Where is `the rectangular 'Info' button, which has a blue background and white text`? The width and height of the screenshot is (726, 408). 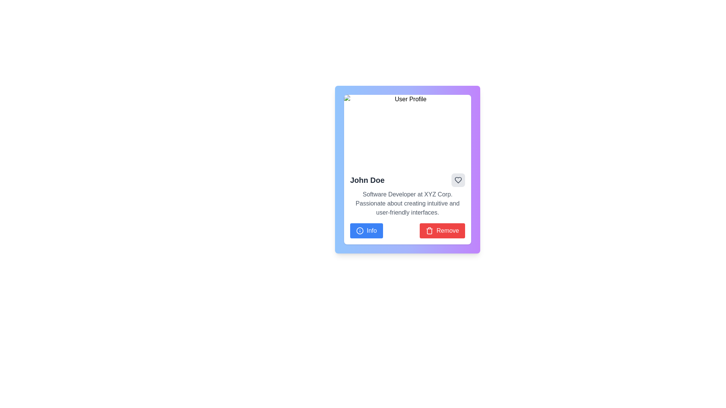 the rectangular 'Info' button, which has a blue background and white text is located at coordinates (366, 230).